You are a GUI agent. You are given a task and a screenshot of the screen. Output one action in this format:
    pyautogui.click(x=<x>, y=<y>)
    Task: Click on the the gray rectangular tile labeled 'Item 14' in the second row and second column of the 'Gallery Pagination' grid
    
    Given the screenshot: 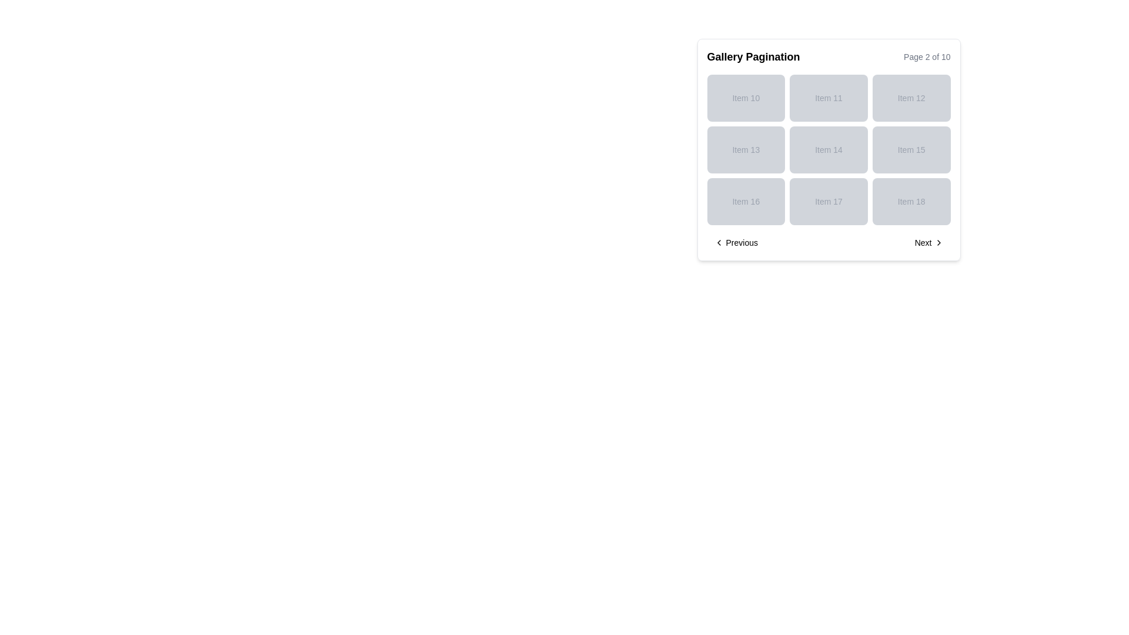 What is the action you would take?
    pyautogui.click(x=828, y=149)
    